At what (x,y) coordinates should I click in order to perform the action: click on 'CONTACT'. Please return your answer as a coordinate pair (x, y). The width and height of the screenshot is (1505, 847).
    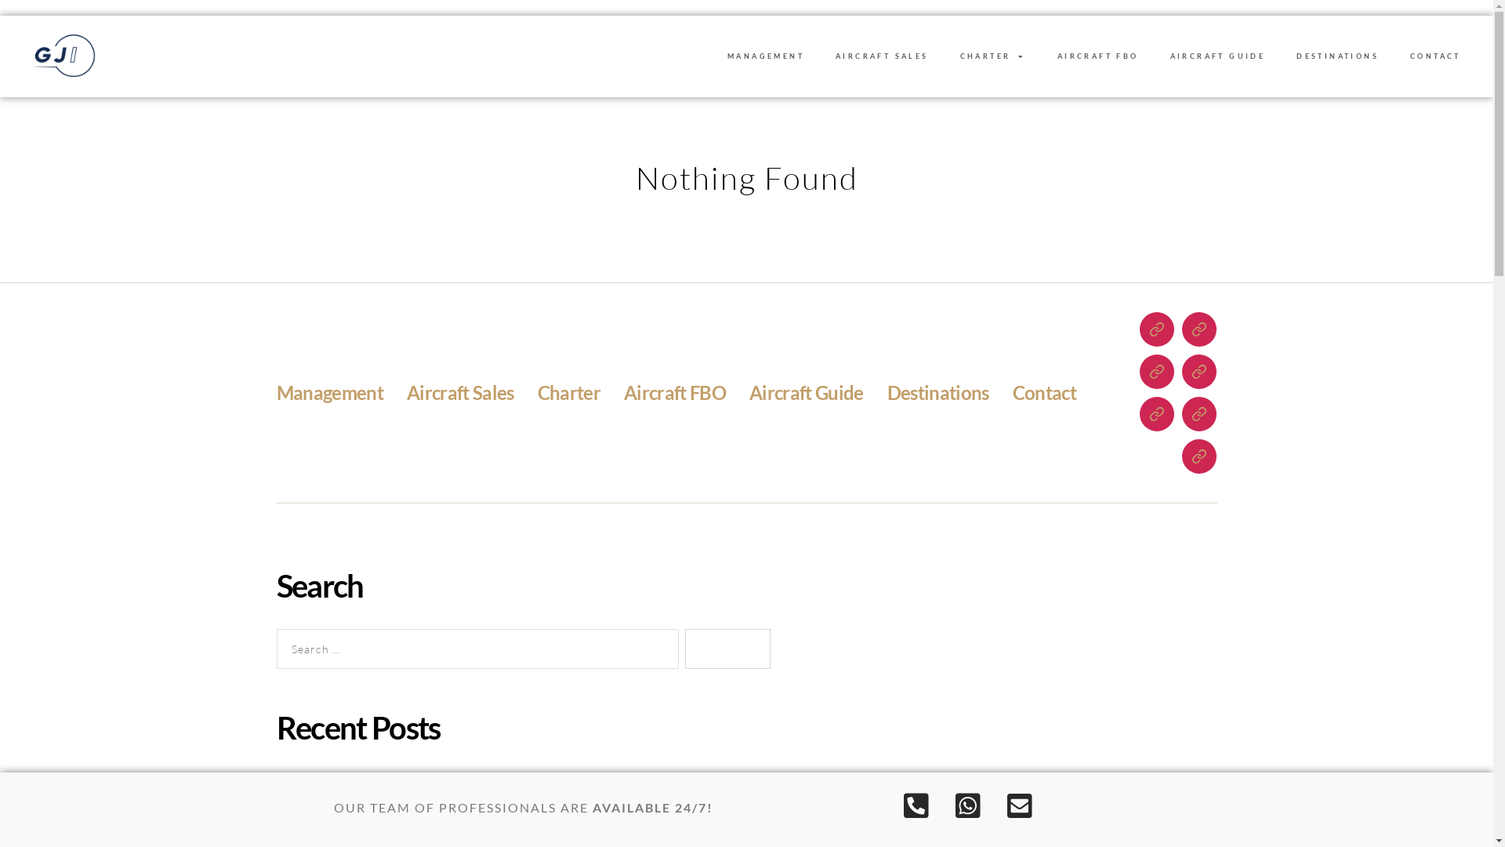
    Looking at the image, I should click on (1394, 56).